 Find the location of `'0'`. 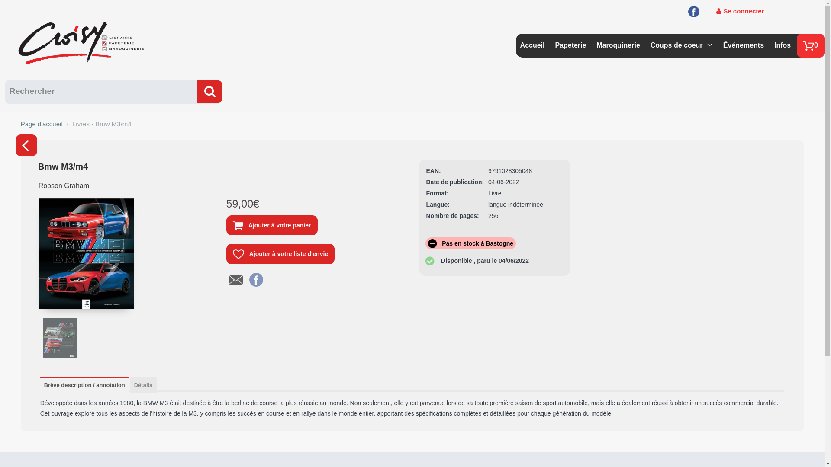

'0' is located at coordinates (810, 45).